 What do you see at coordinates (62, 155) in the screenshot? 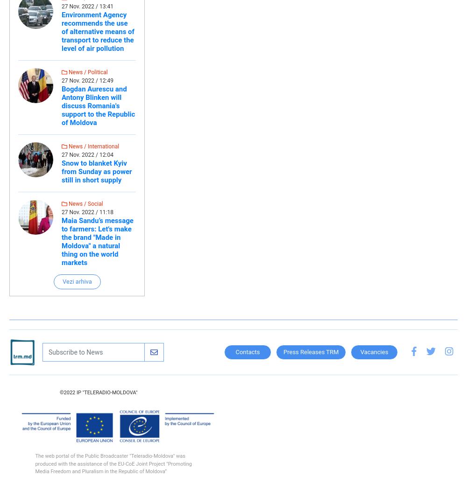
I see `'27 Nov. 2022 / 12:04'` at bounding box center [62, 155].